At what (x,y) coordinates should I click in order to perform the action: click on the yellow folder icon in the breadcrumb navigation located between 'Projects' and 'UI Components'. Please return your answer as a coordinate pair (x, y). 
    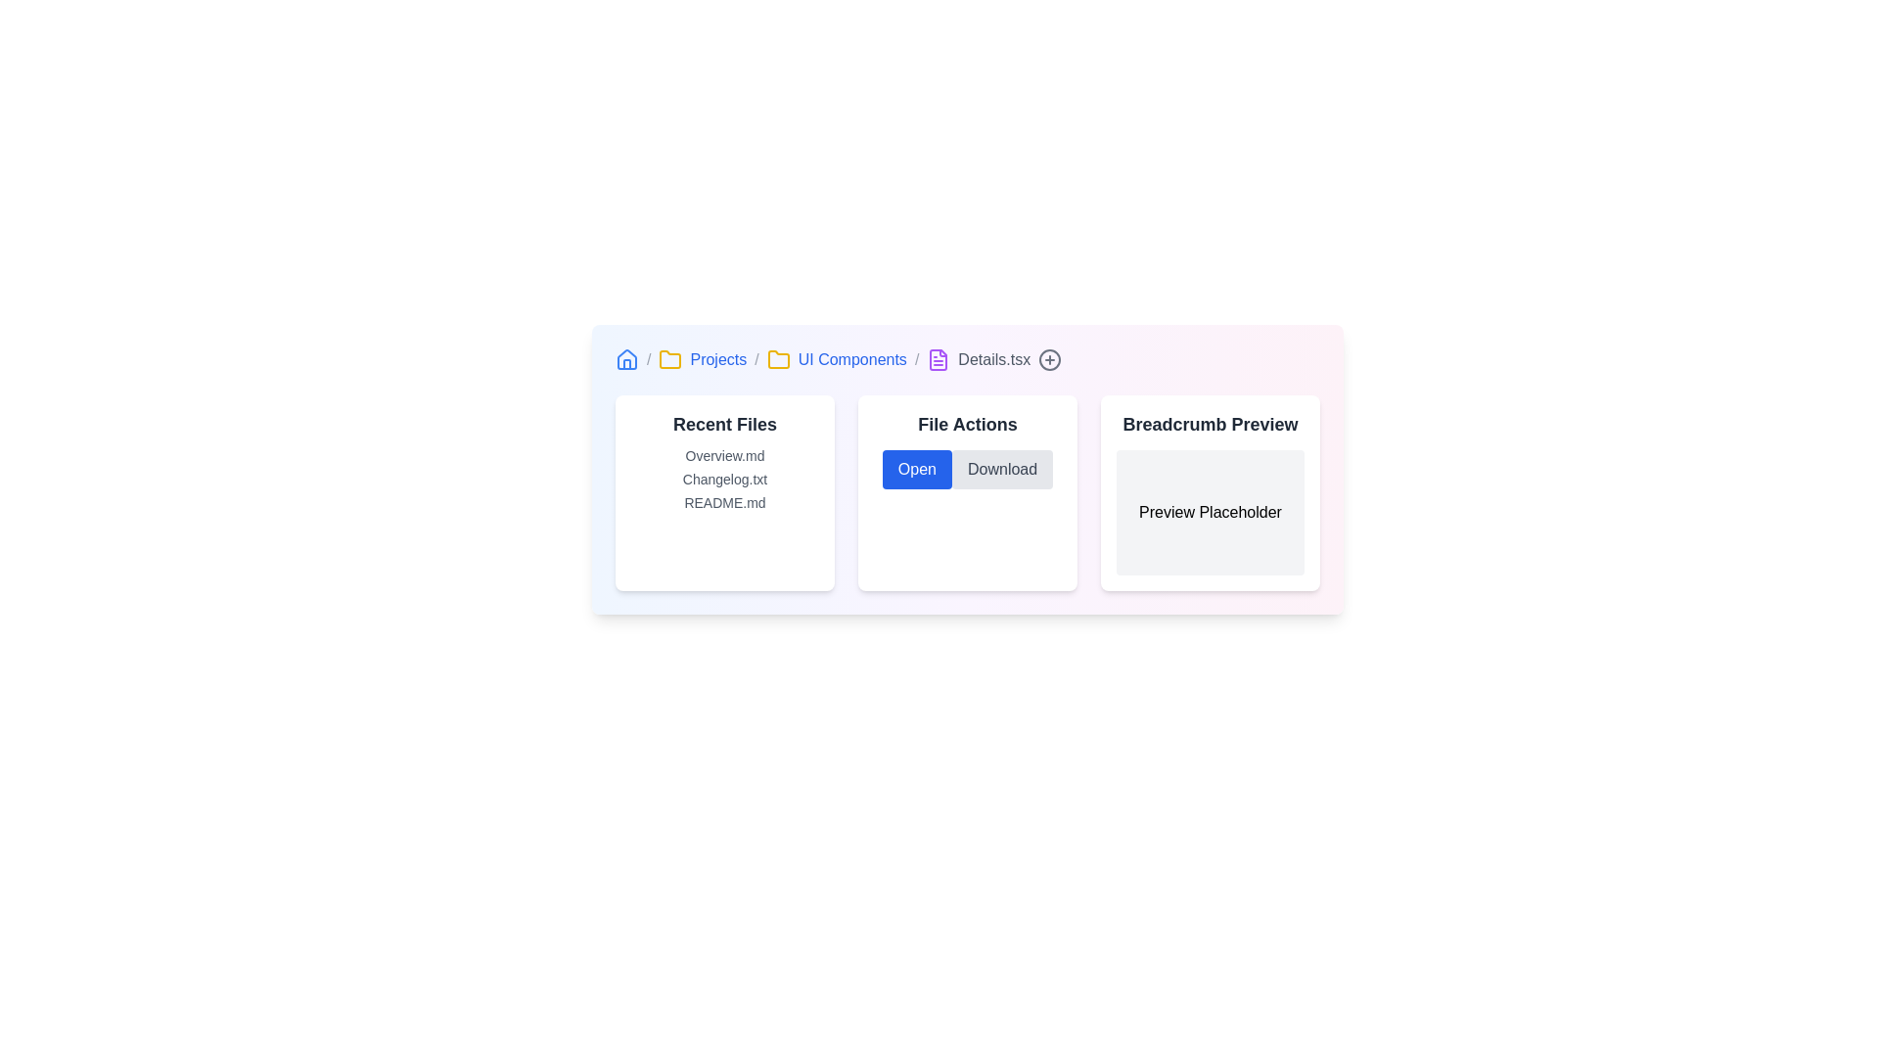
    Looking at the image, I should click on (777, 359).